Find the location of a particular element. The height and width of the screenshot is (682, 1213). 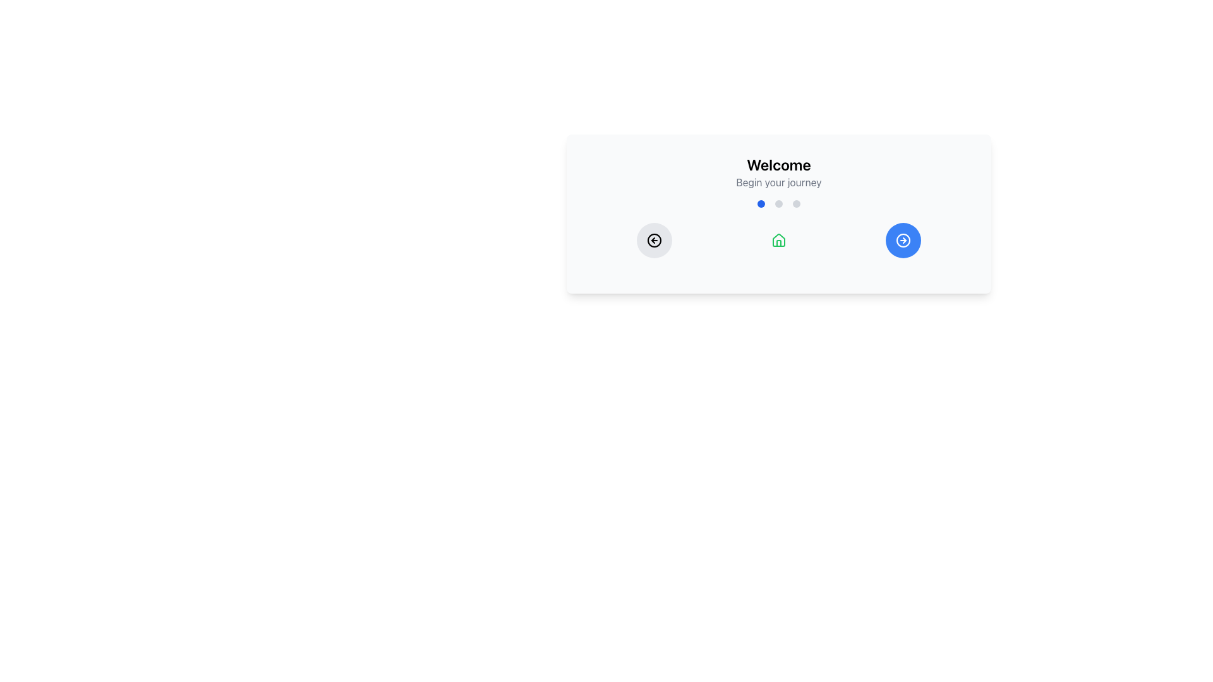

the door element of the house icon located at the center of the interactive card, which serves as a functional part of the house icon is located at coordinates (778, 243).